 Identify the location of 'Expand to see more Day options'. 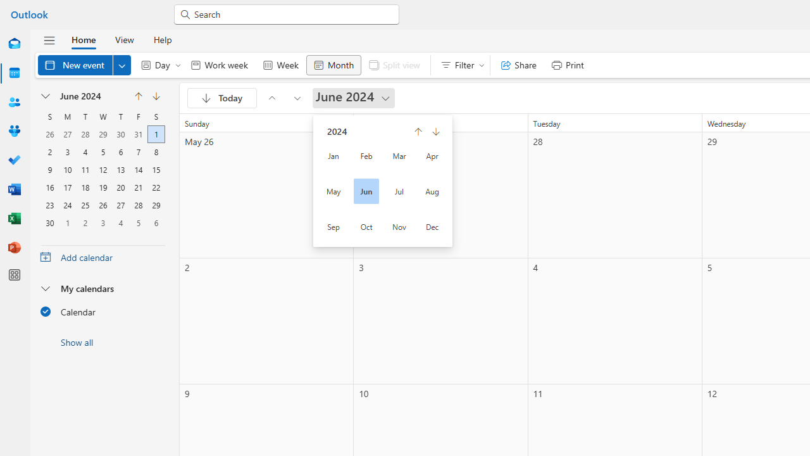
(177, 65).